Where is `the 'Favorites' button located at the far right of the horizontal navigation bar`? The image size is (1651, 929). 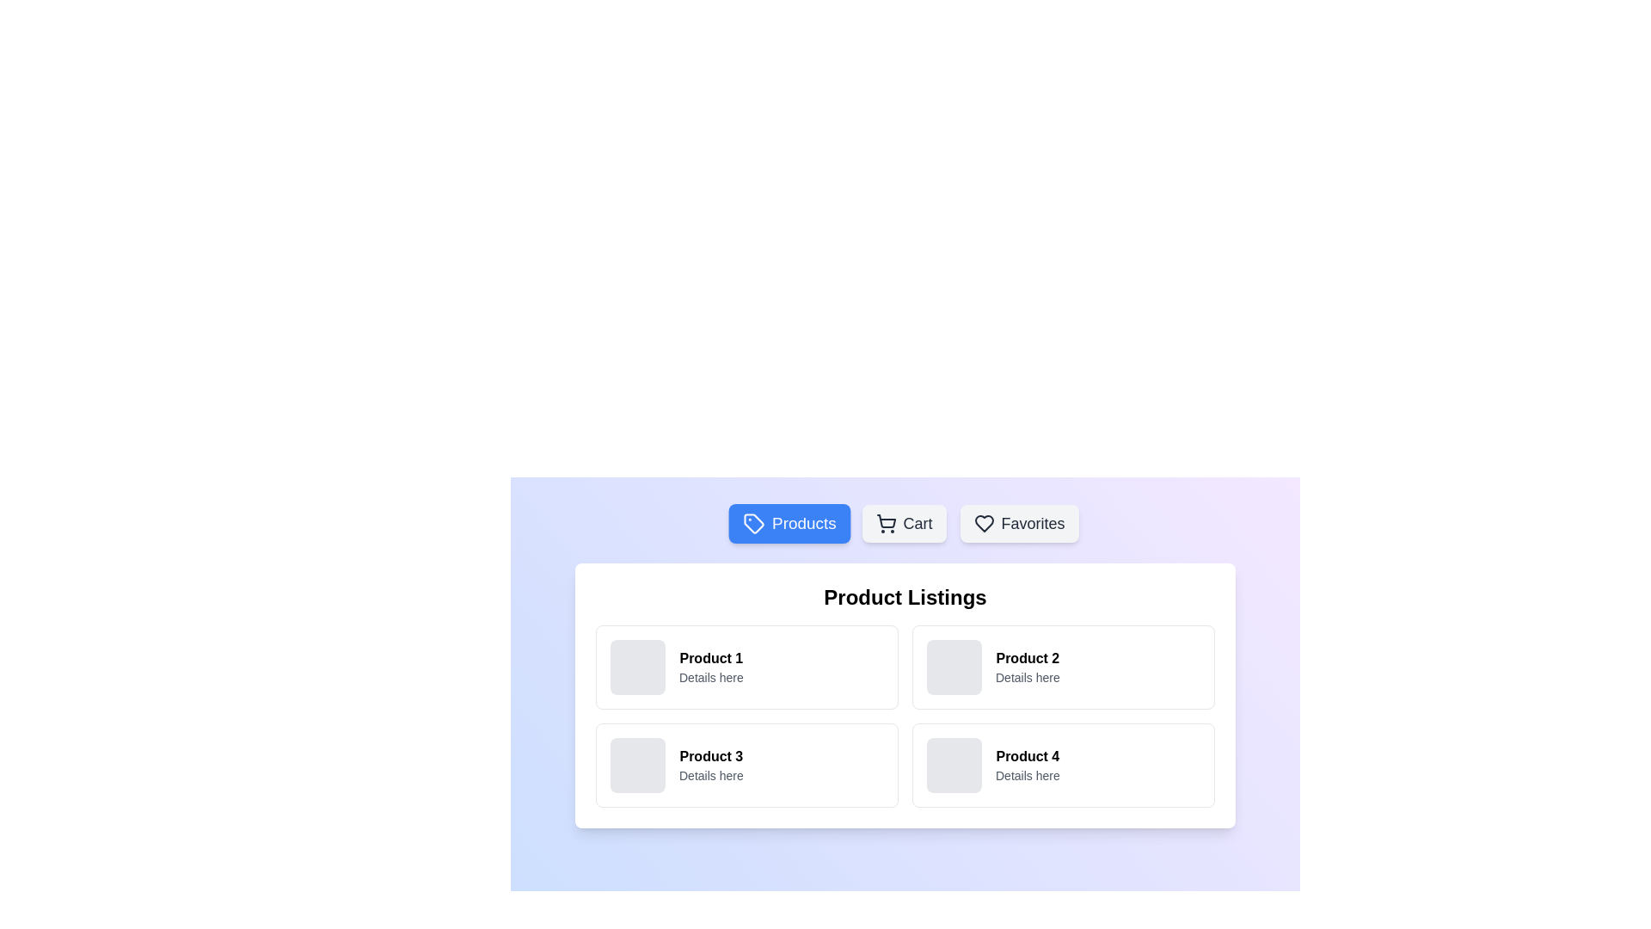
the 'Favorites' button located at the far right of the horizontal navigation bar is located at coordinates (1019, 523).